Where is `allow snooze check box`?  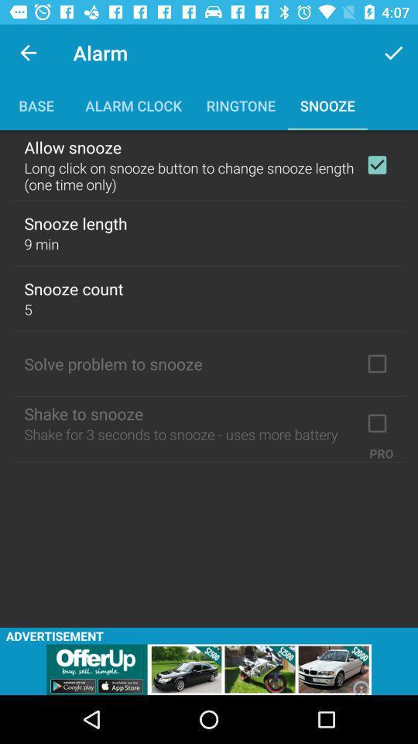
allow snooze check box is located at coordinates (376, 165).